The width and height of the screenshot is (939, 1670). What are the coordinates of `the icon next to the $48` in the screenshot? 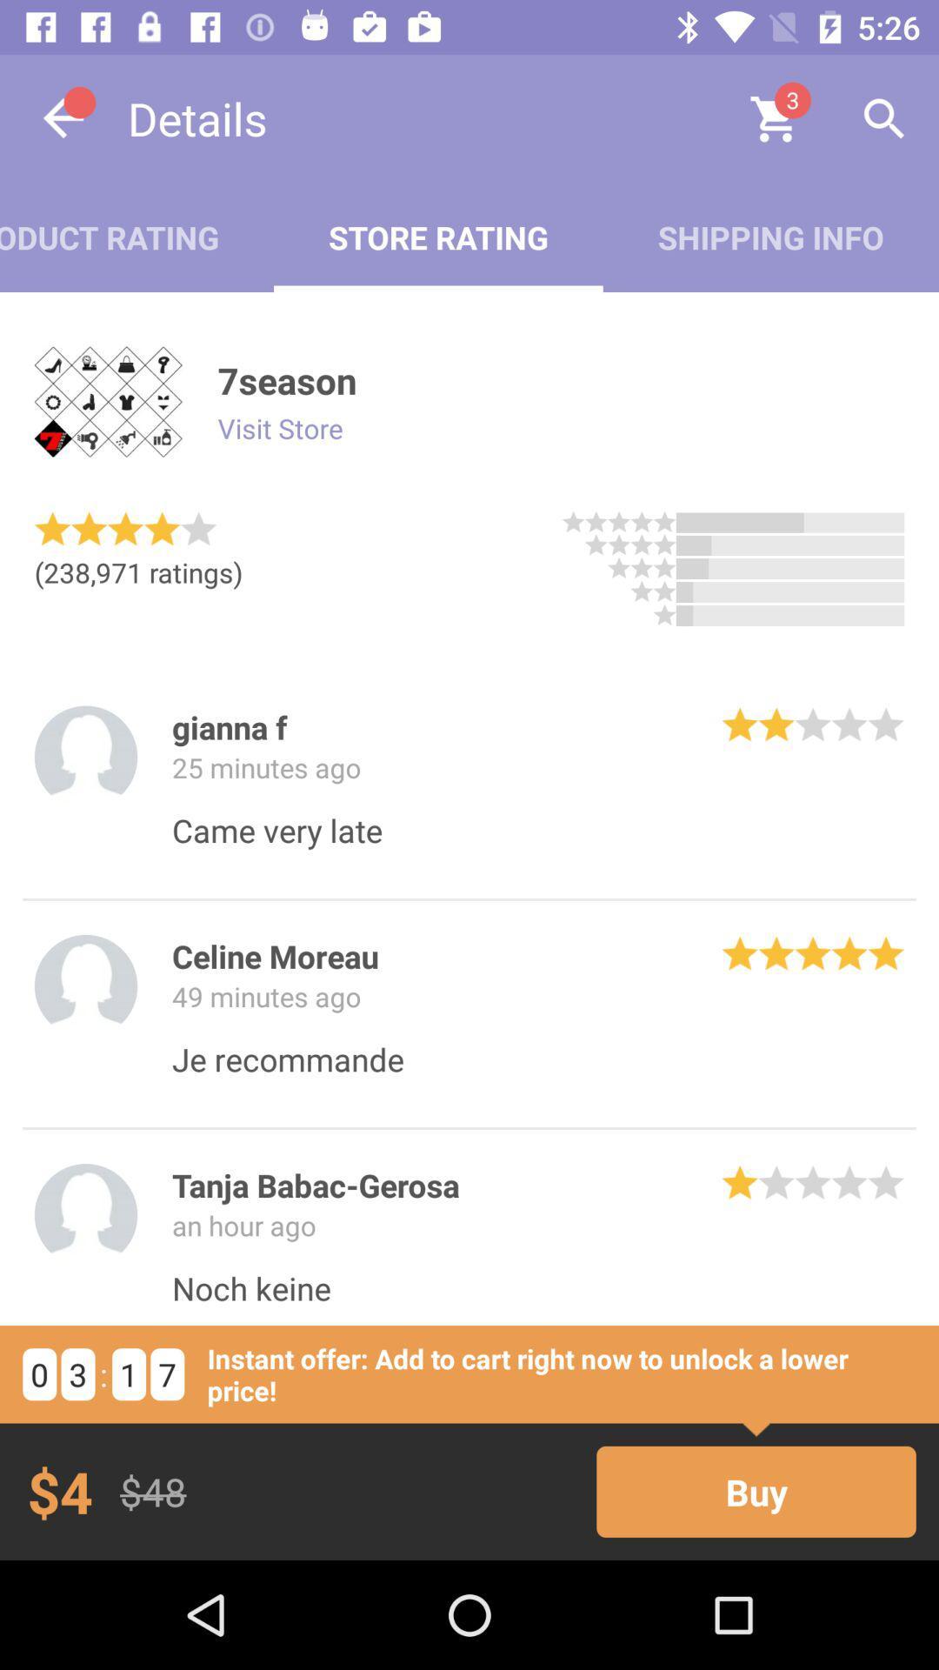 It's located at (756, 1491).